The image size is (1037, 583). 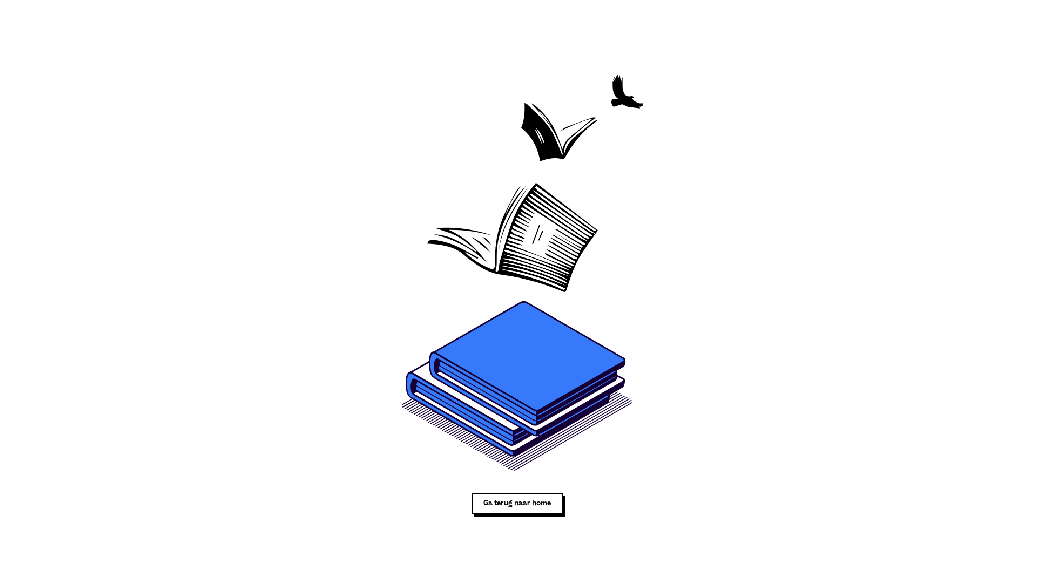 I want to click on 'Ga terug naar home', so click(x=520, y=506).